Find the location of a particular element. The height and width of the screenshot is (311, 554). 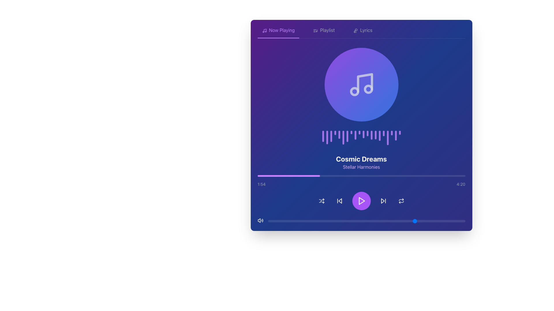

the backward skip button icon, which is a small white icon with a leftward arrowhead and vertical line is located at coordinates (339, 201).